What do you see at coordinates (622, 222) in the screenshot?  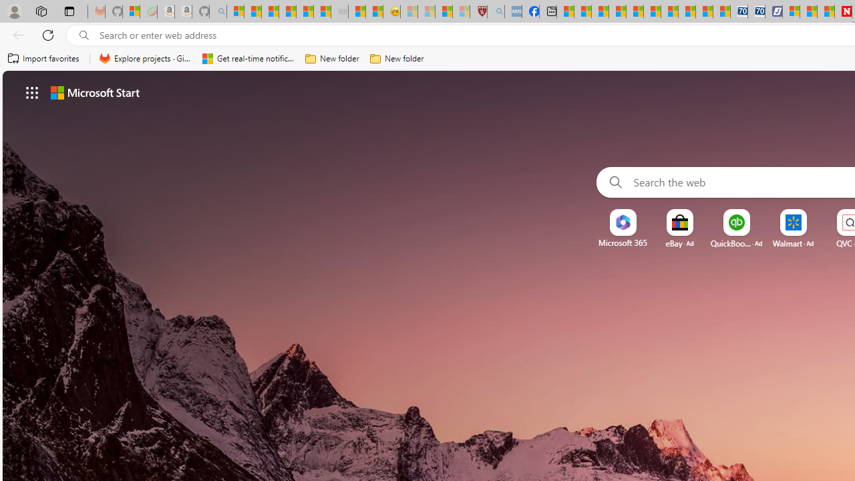 I see `'To get missing image descriptions, open the context menu.'` at bounding box center [622, 222].